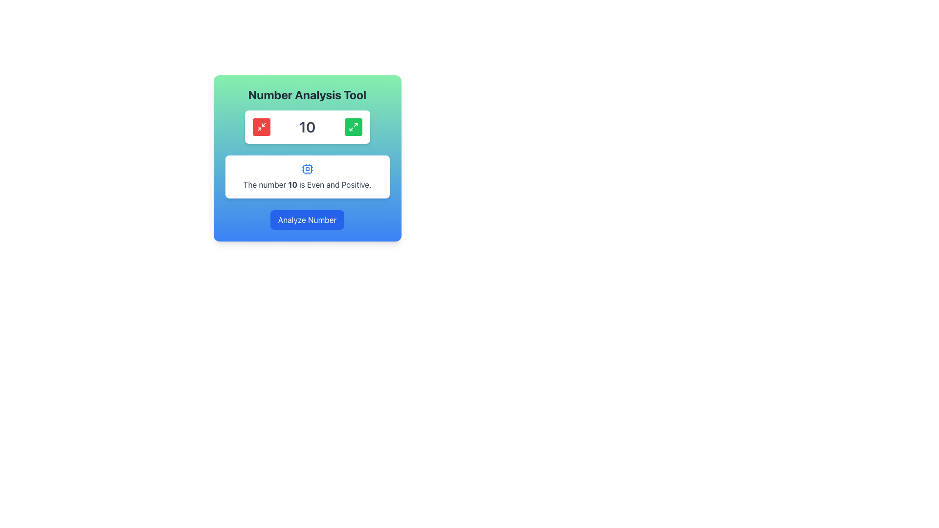  What do you see at coordinates (292, 185) in the screenshot?
I see `the bold numeric text element displaying '10', which is part of the sentence 'The number 10 is Even and Positive.'` at bounding box center [292, 185].